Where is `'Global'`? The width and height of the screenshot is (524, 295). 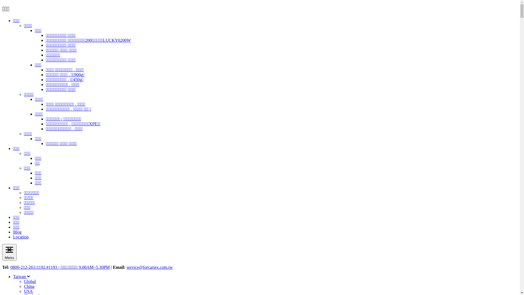
'Global' is located at coordinates (30, 281).